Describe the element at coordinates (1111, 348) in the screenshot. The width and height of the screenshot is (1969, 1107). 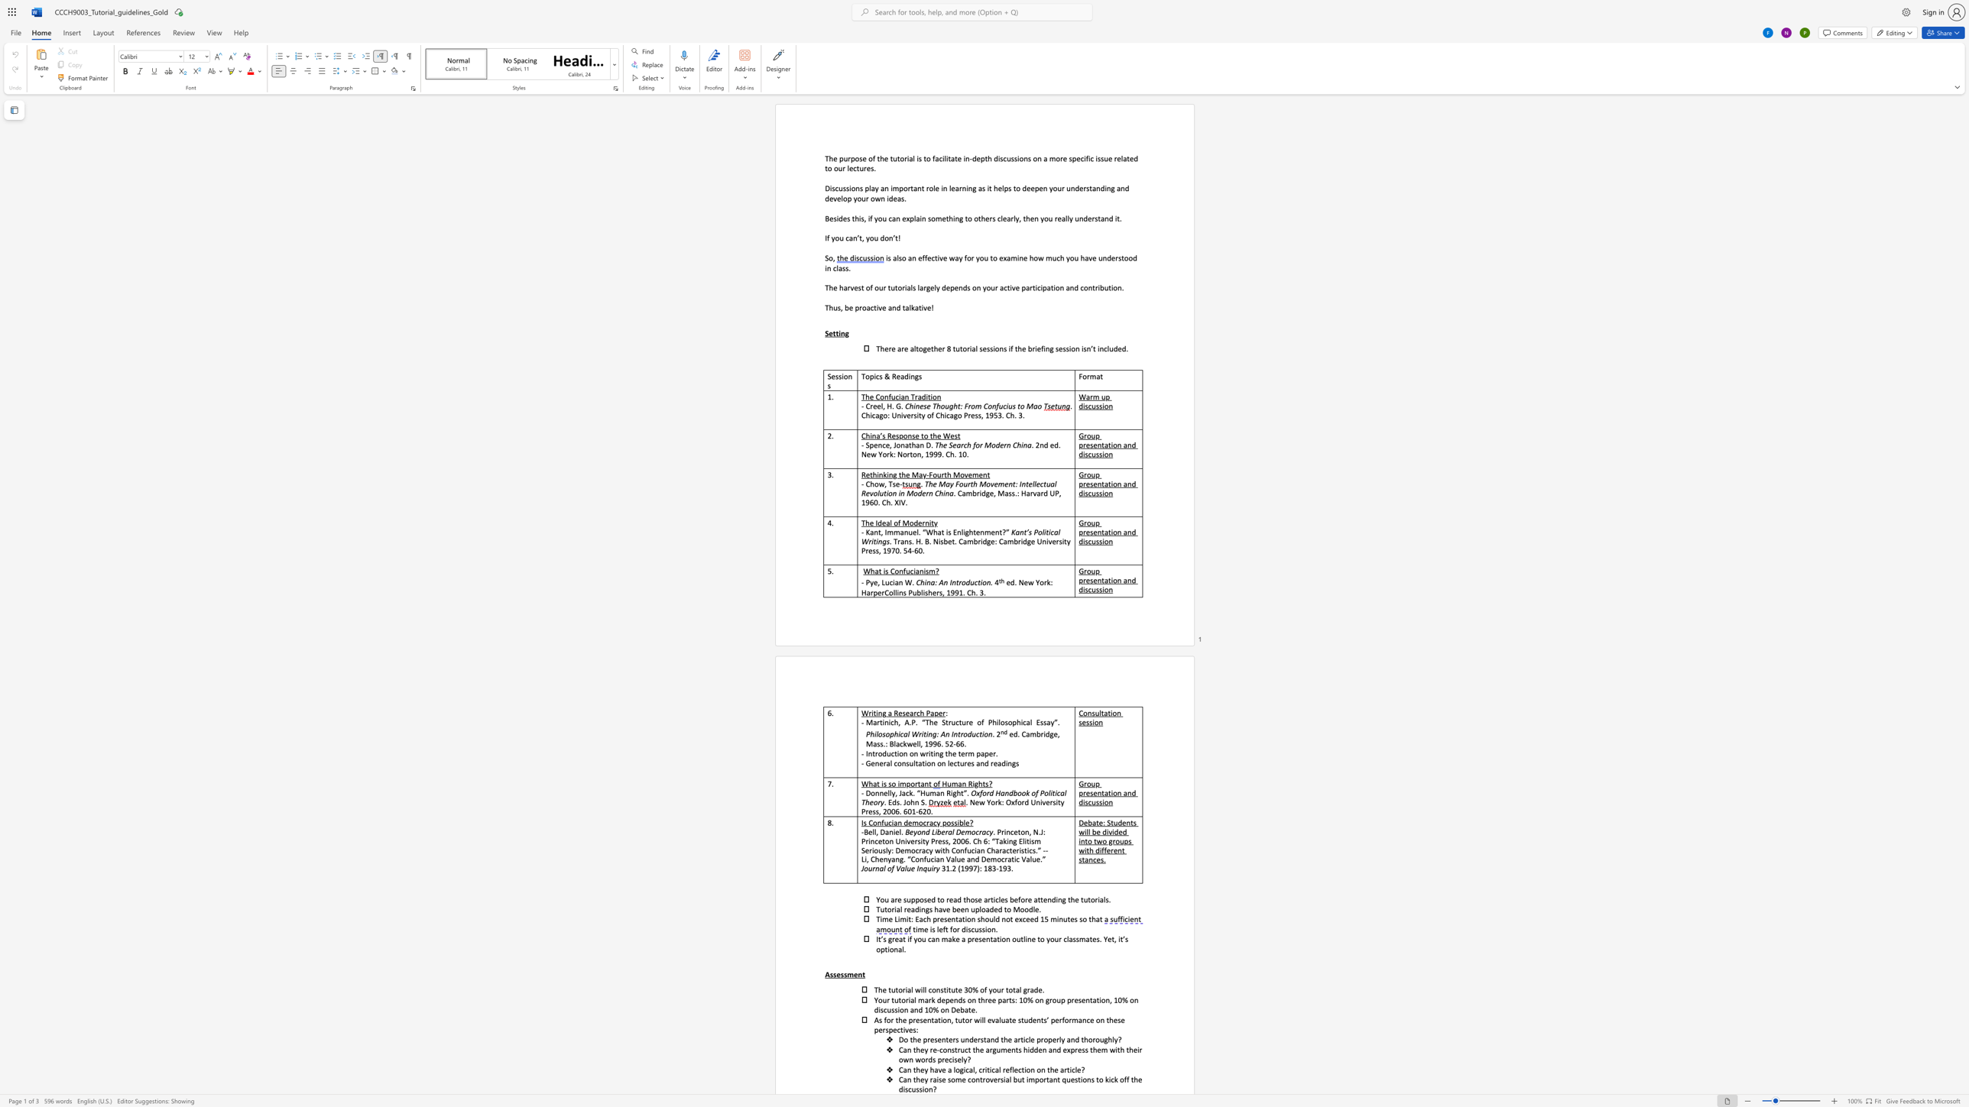
I see `the 1th character "u" in the text` at that location.